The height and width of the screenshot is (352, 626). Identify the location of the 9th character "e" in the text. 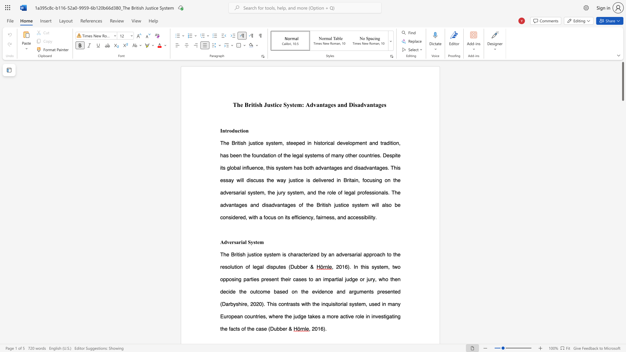
(255, 267).